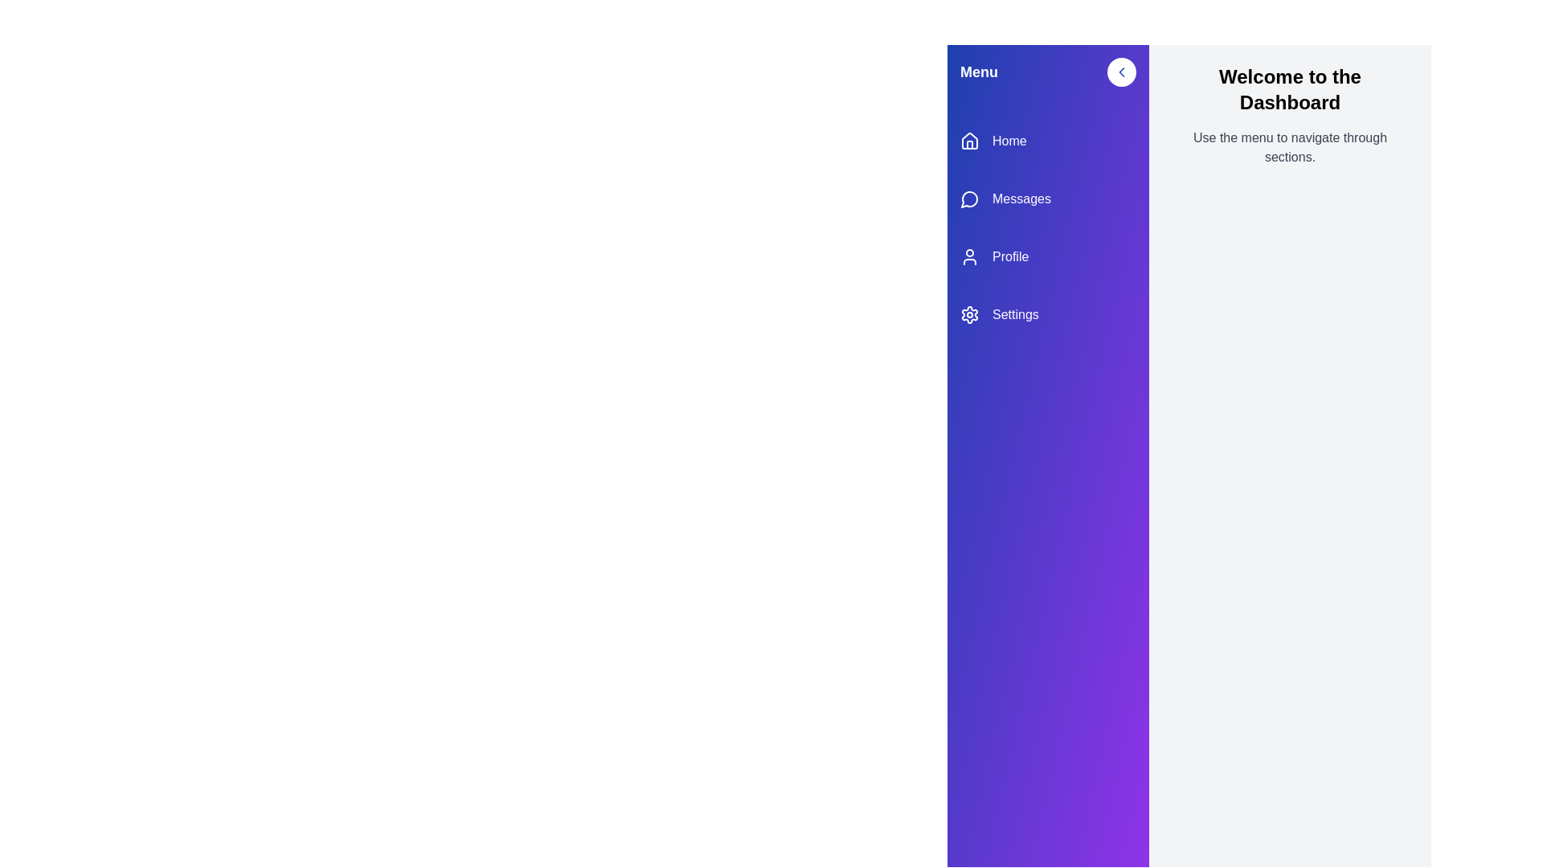  What do you see at coordinates (968, 141) in the screenshot?
I see `the Home icon in the sidebar` at bounding box center [968, 141].